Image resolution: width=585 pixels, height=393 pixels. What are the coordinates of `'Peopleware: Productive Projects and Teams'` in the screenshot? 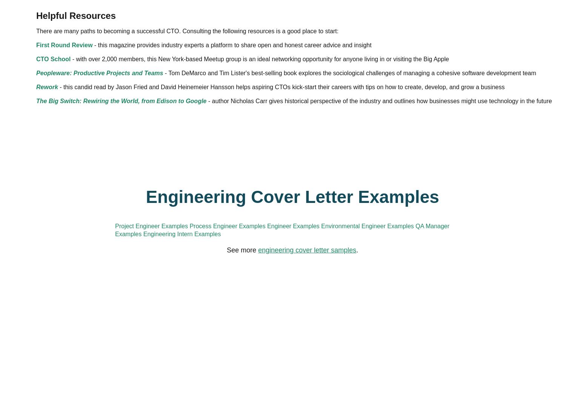 It's located at (231, 249).